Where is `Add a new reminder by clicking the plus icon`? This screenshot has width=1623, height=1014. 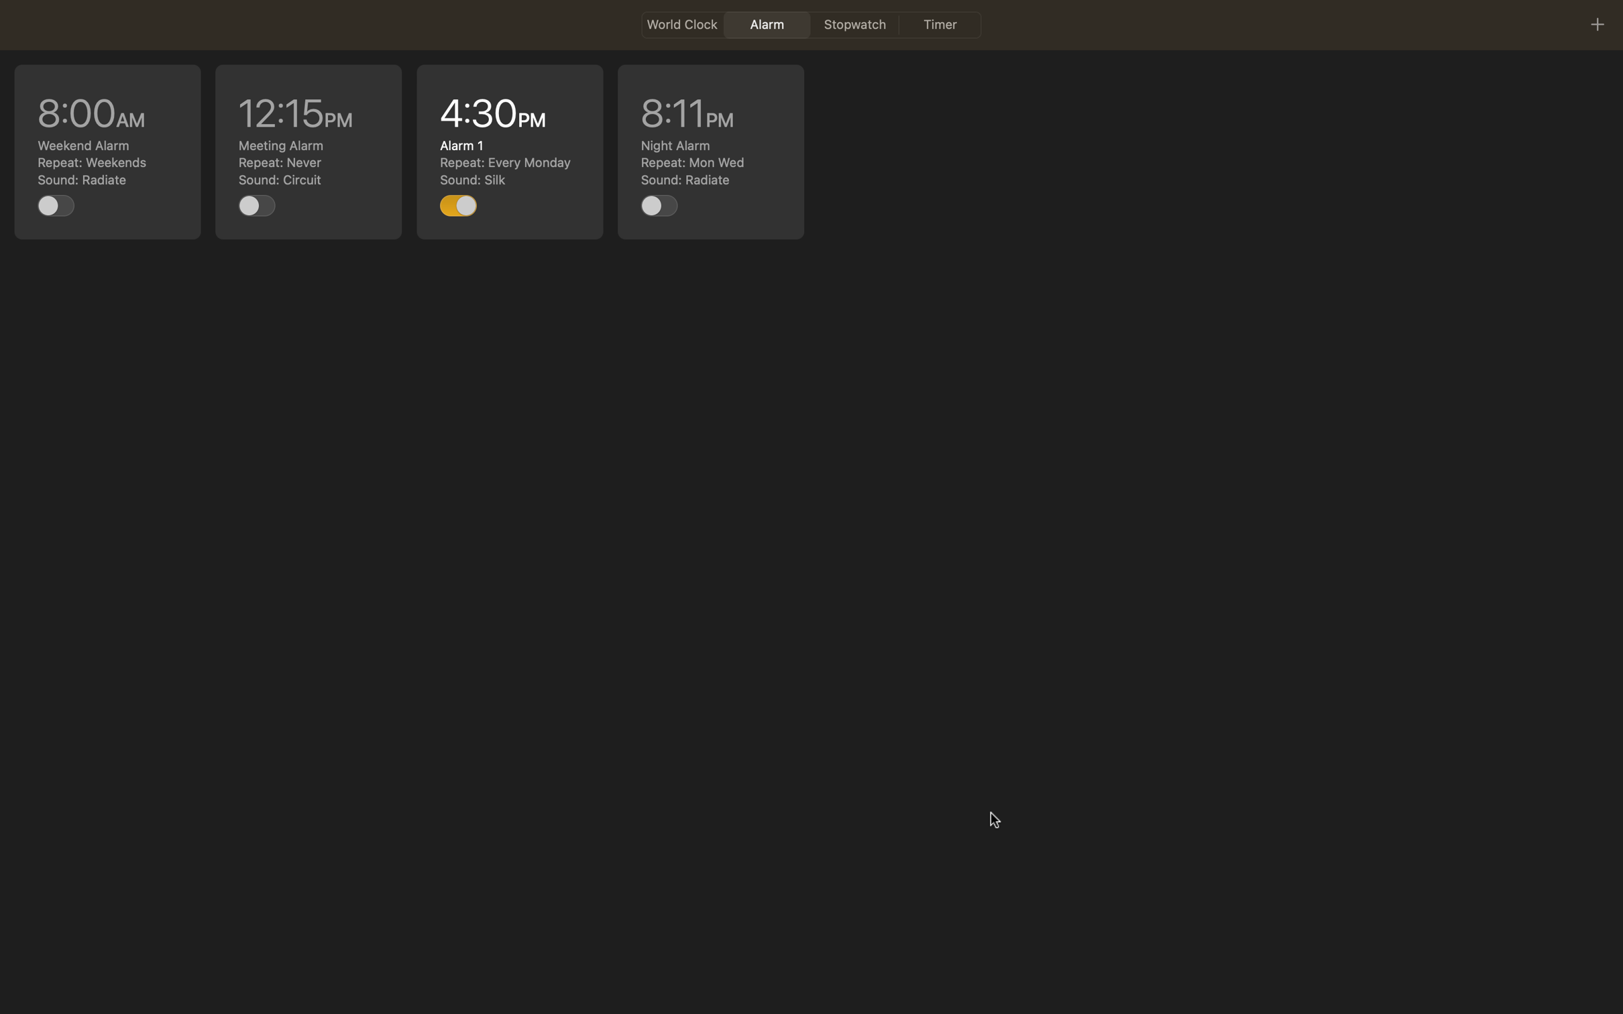 Add a new reminder by clicking the plus icon is located at coordinates (1596, 23).